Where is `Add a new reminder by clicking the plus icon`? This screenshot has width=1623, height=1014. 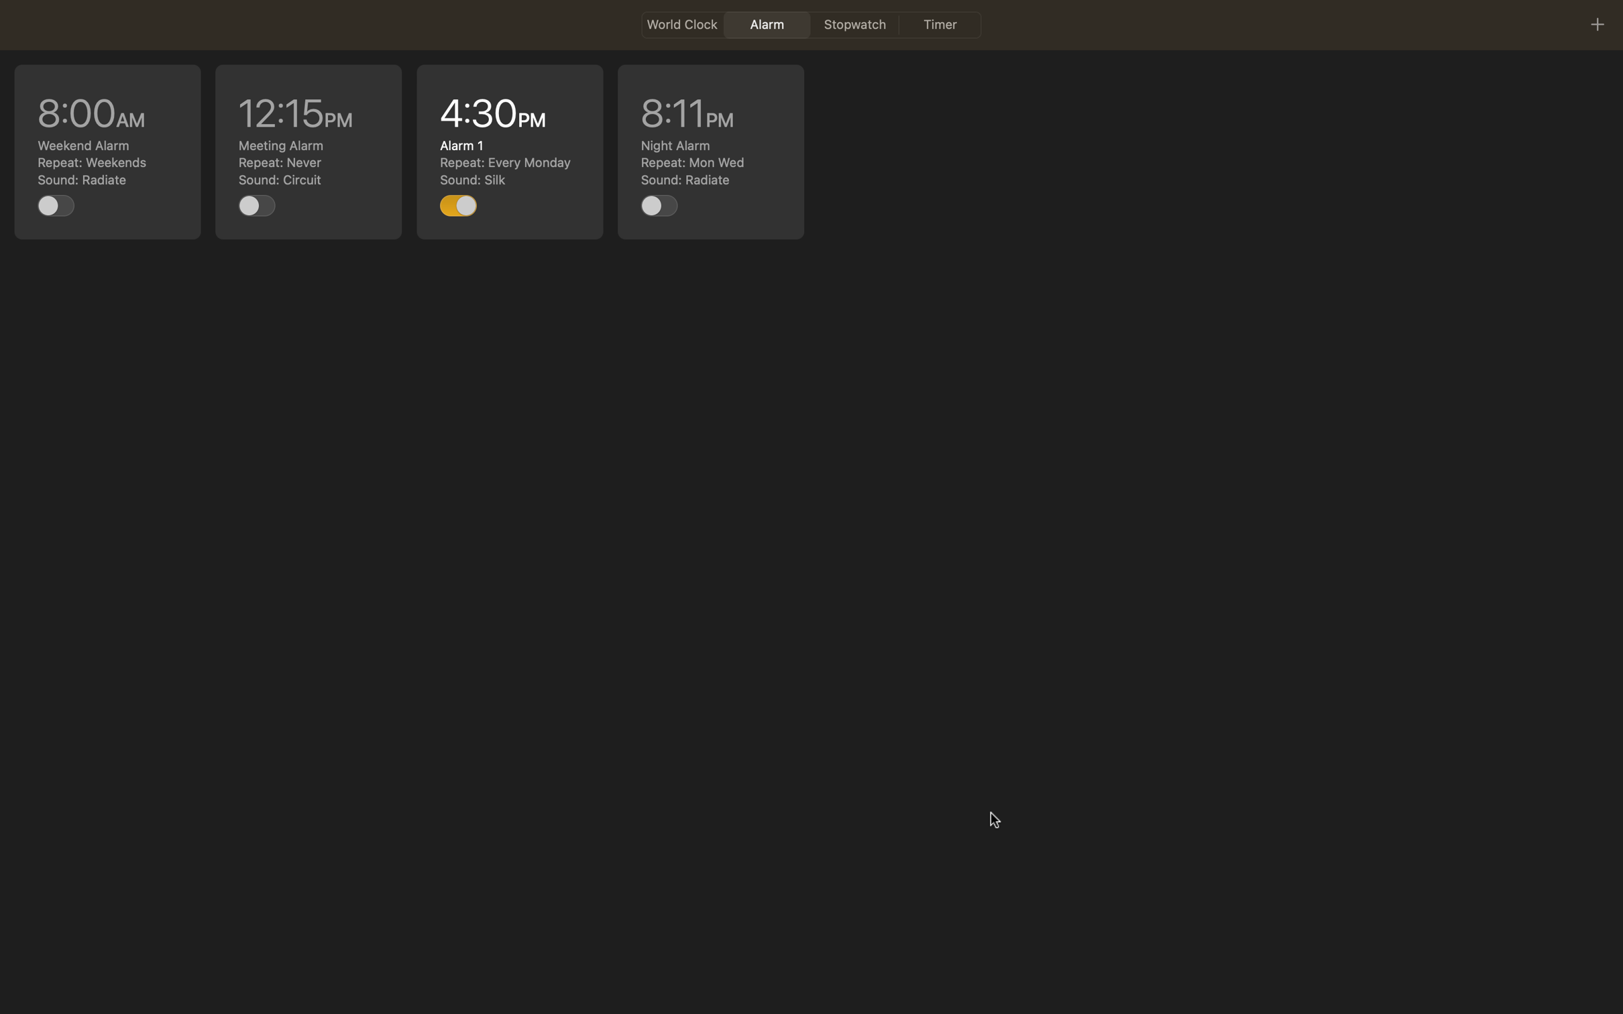 Add a new reminder by clicking the plus icon is located at coordinates (1596, 23).